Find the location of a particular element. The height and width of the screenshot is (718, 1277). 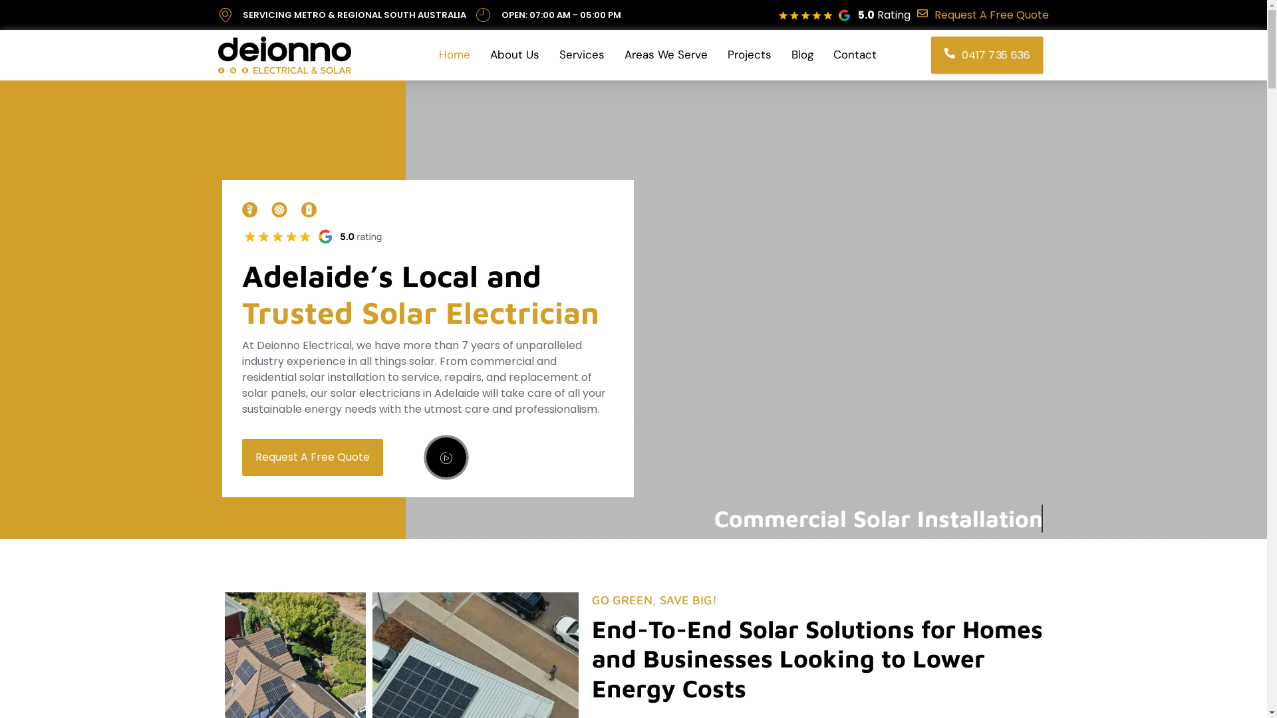

'Solar Electrician Adelaide - Homepage 2' is located at coordinates (315, 235).